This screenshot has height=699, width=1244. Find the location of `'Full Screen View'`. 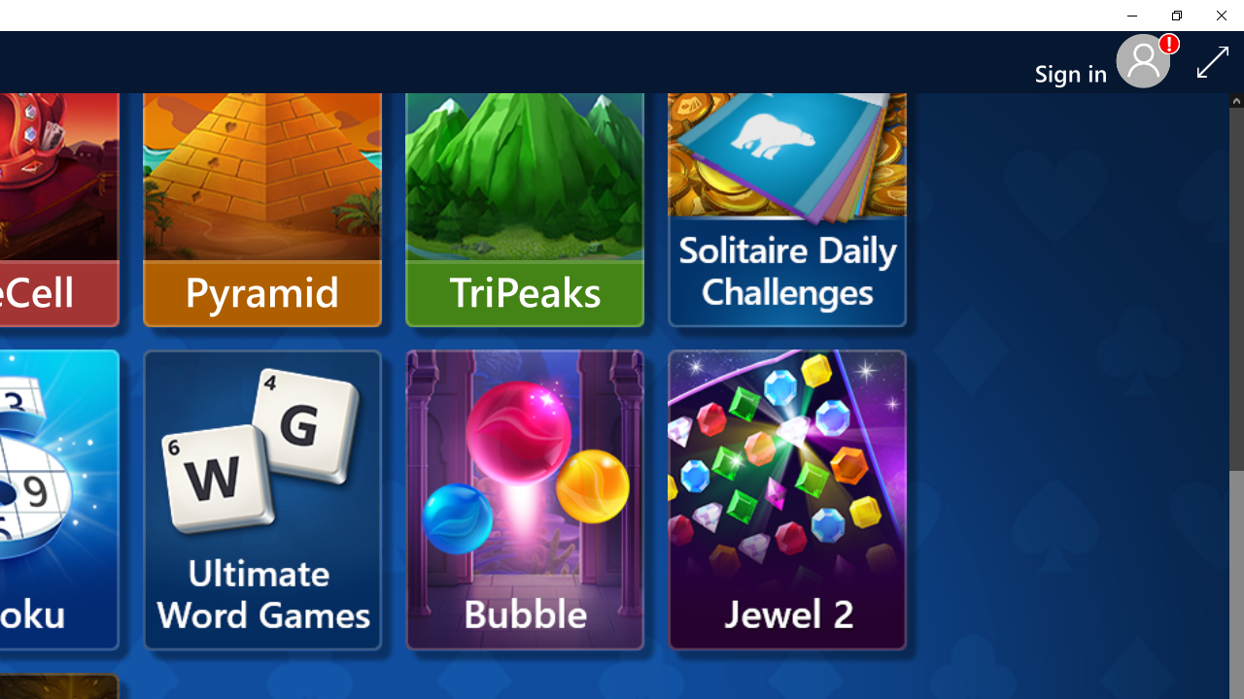

'Full Screen View' is located at coordinates (1212, 60).